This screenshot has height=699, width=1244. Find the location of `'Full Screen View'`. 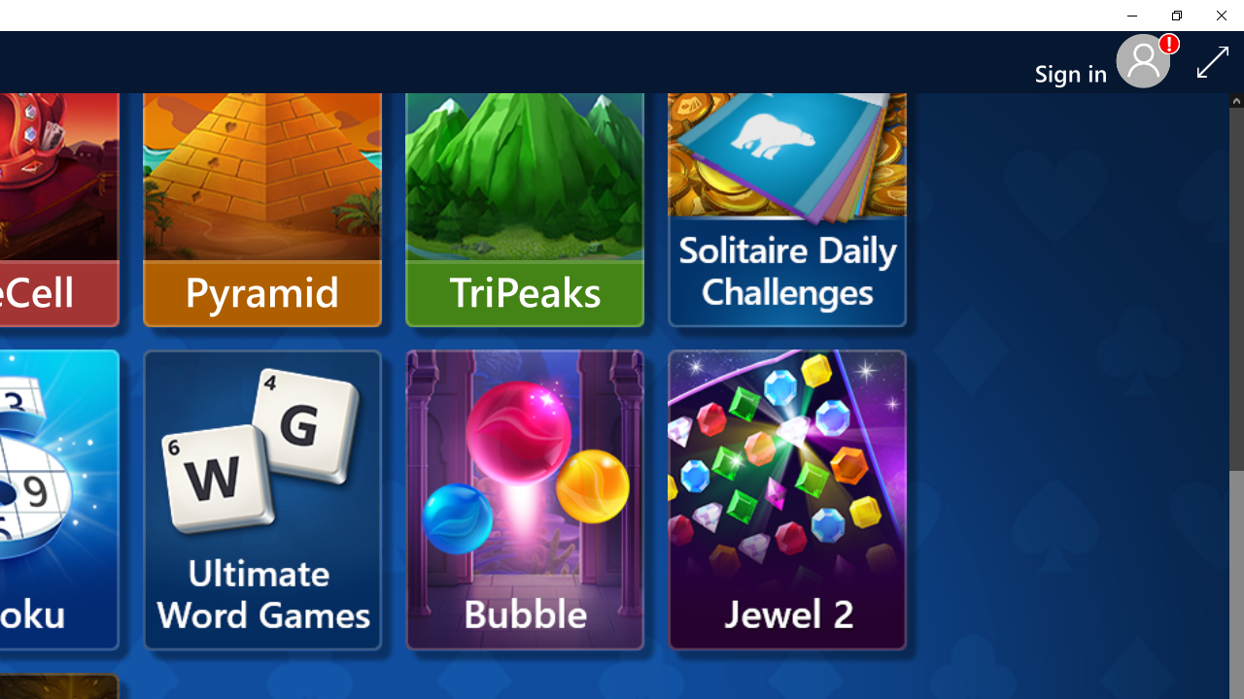

'Full Screen View' is located at coordinates (1212, 60).